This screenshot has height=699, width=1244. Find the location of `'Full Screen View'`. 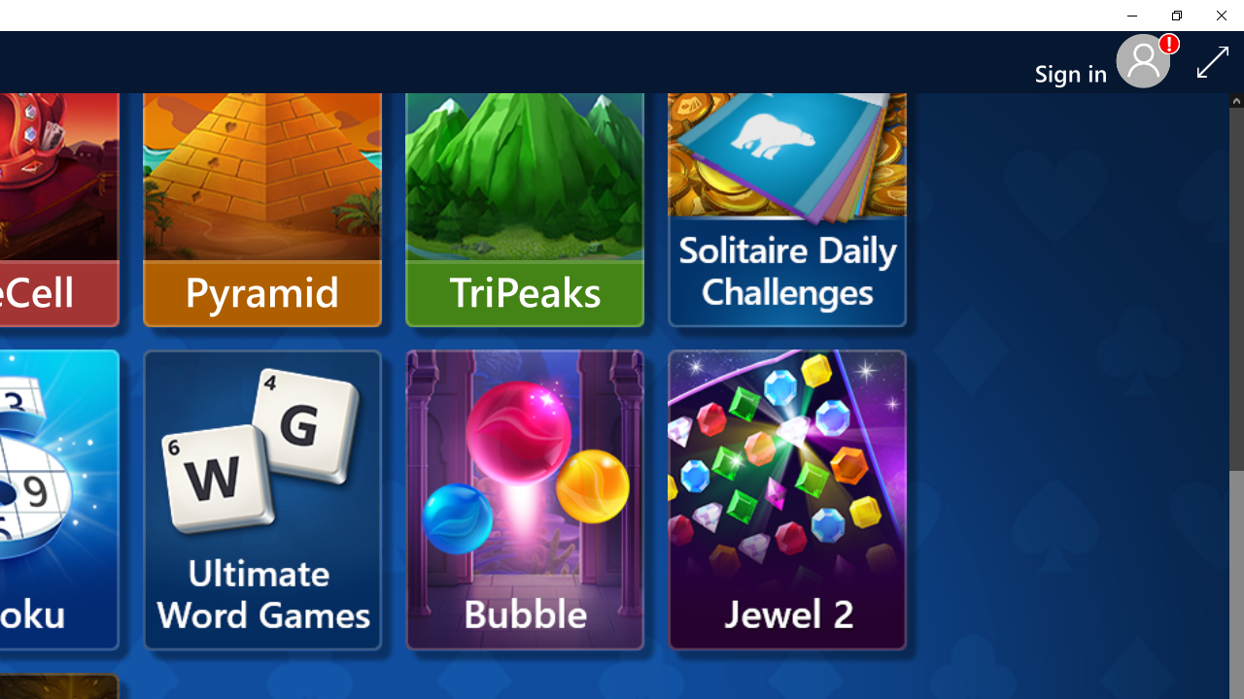

'Full Screen View' is located at coordinates (1212, 60).